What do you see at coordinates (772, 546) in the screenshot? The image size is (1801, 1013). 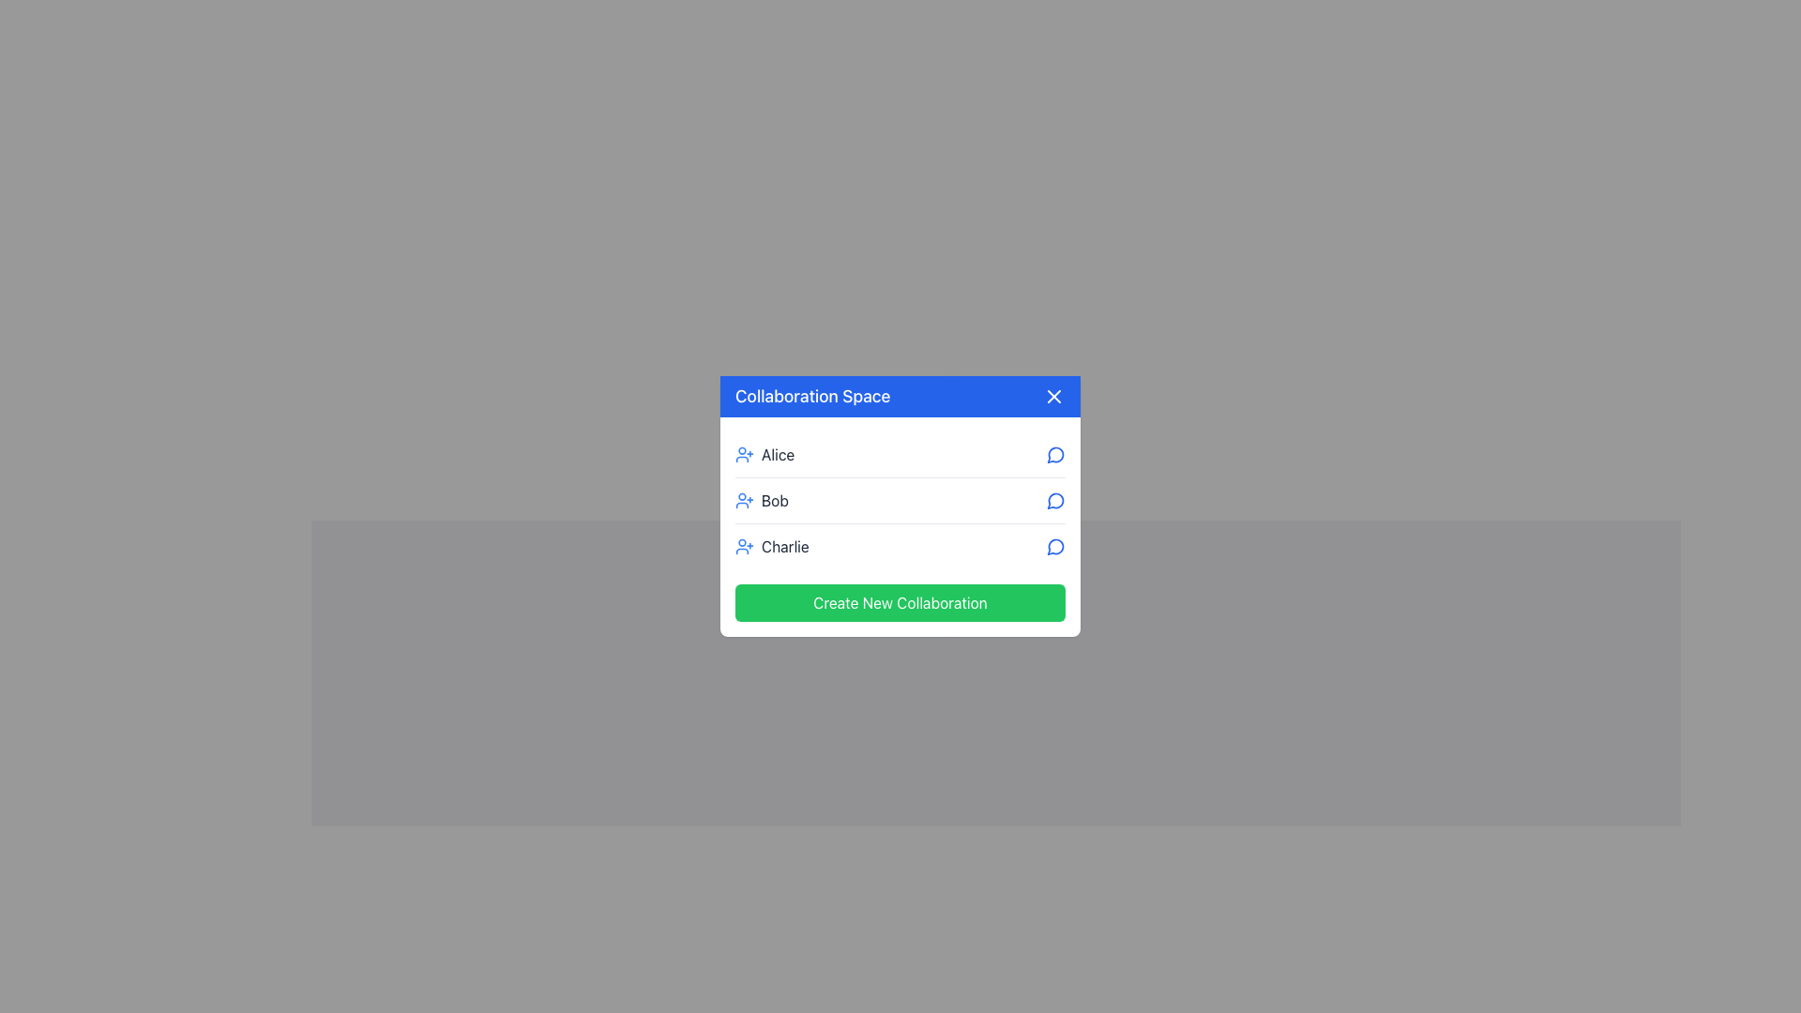 I see `the user entry 'Charlie' in the collaboration list, which is the third item below 'Alice' and 'Bob' in the 'Collaboration Space' dialog box` at bounding box center [772, 546].